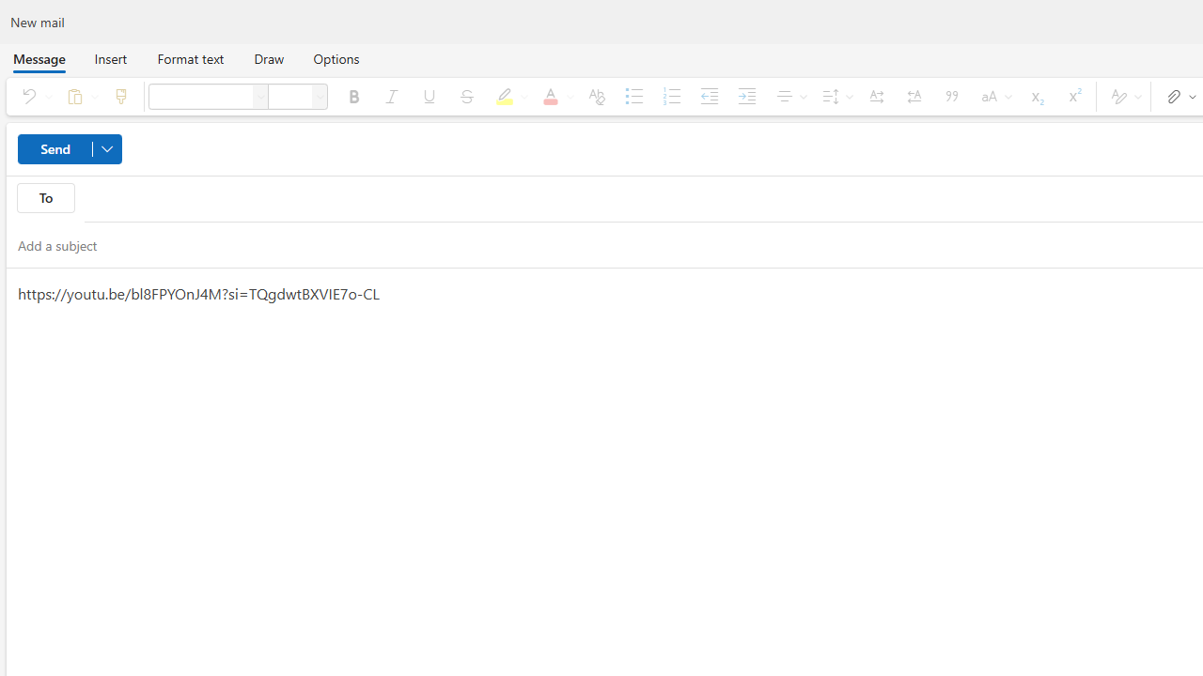 The width and height of the screenshot is (1203, 676). I want to click on 'Subscript', so click(1035, 96).